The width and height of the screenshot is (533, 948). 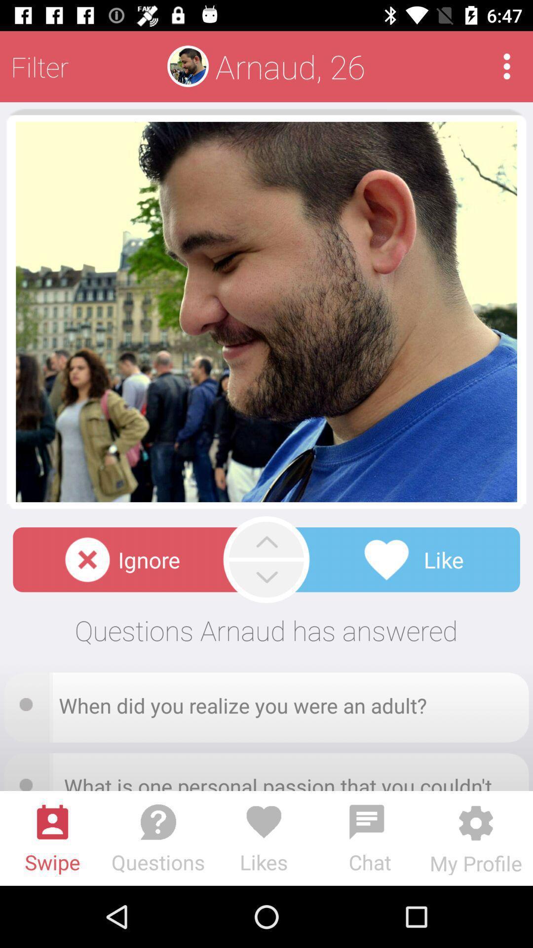 I want to click on the filter at the top left corner, so click(x=39, y=66).